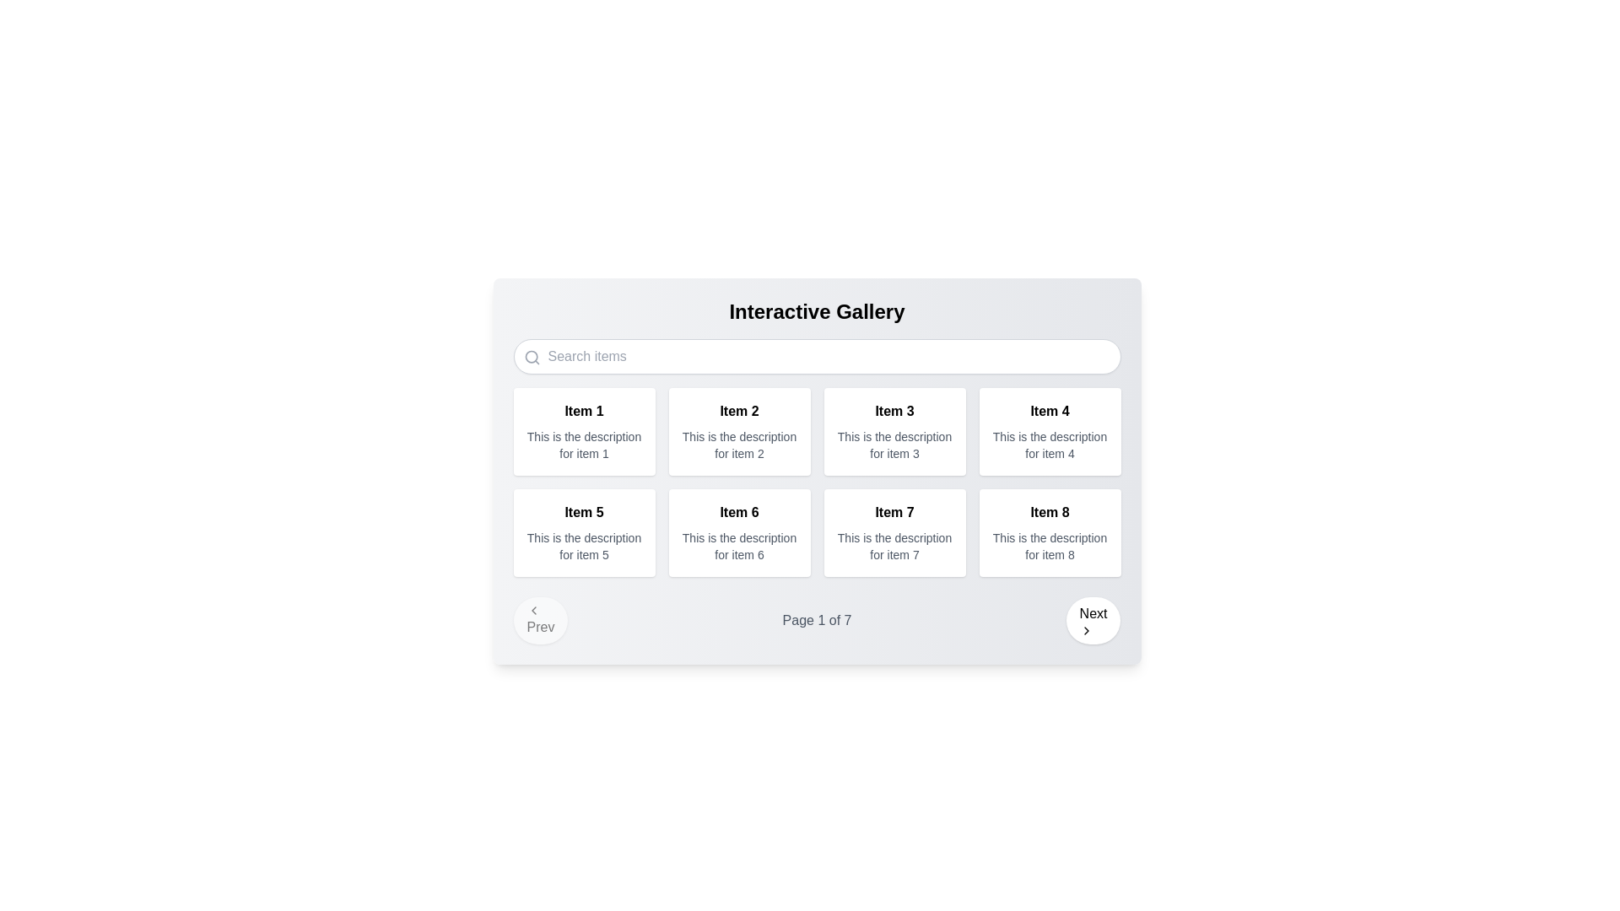 The height and width of the screenshot is (911, 1620). I want to click on an individual item within the Grid layout of the 'Interactive Gallery', so click(817, 482).